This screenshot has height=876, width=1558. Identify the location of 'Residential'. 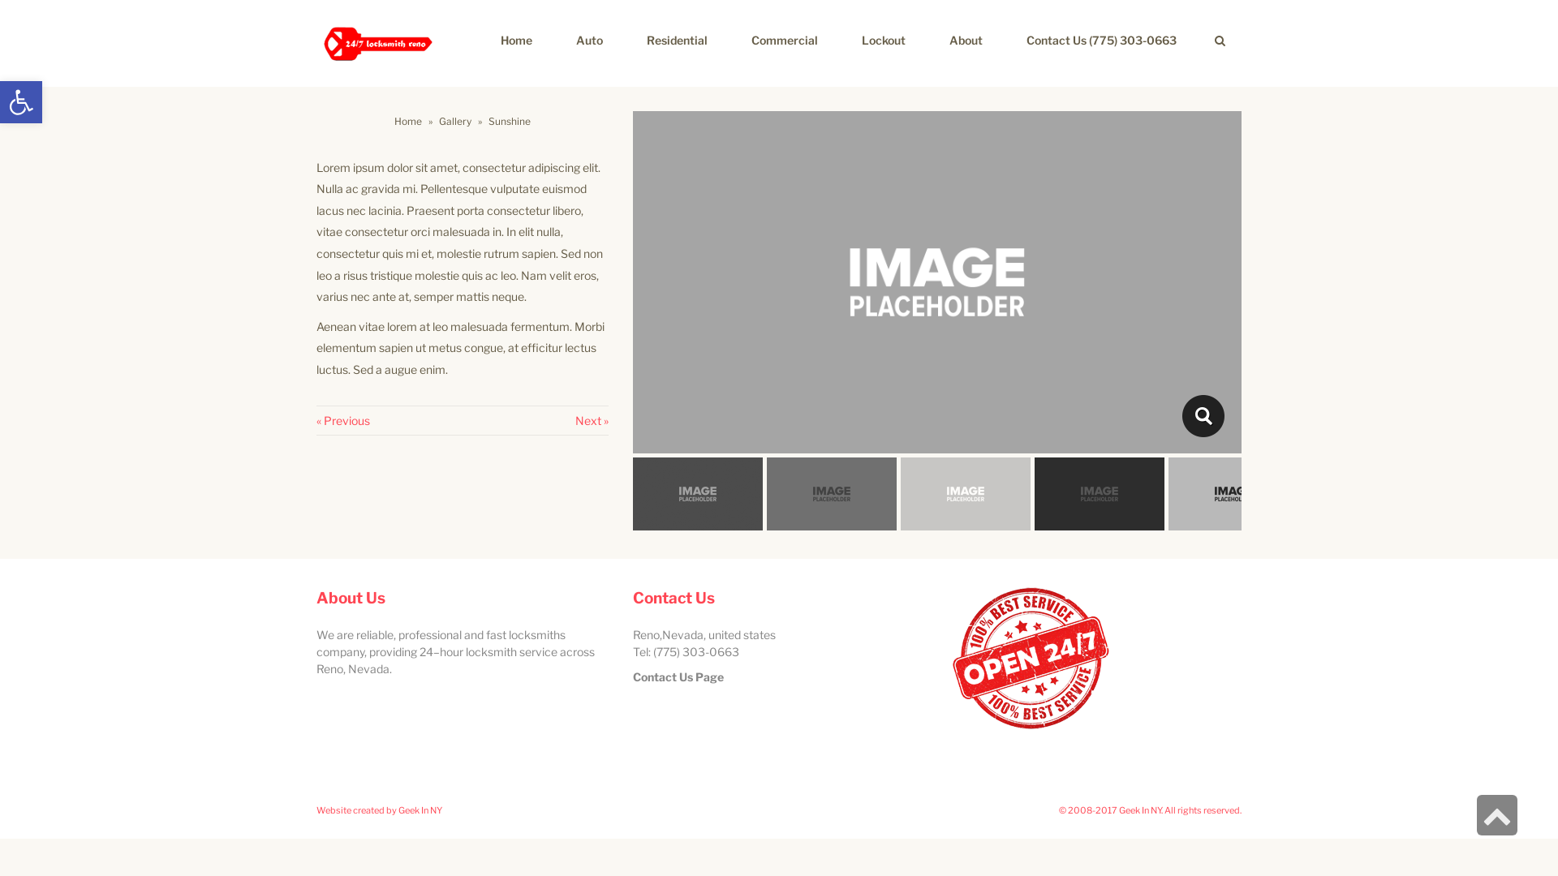
(677, 40).